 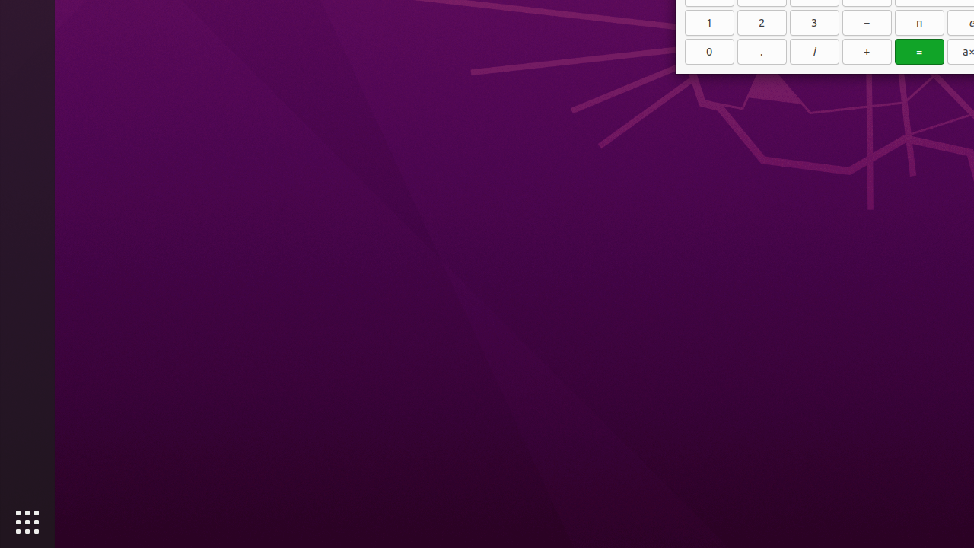 What do you see at coordinates (918, 50) in the screenshot?
I see `'='` at bounding box center [918, 50].